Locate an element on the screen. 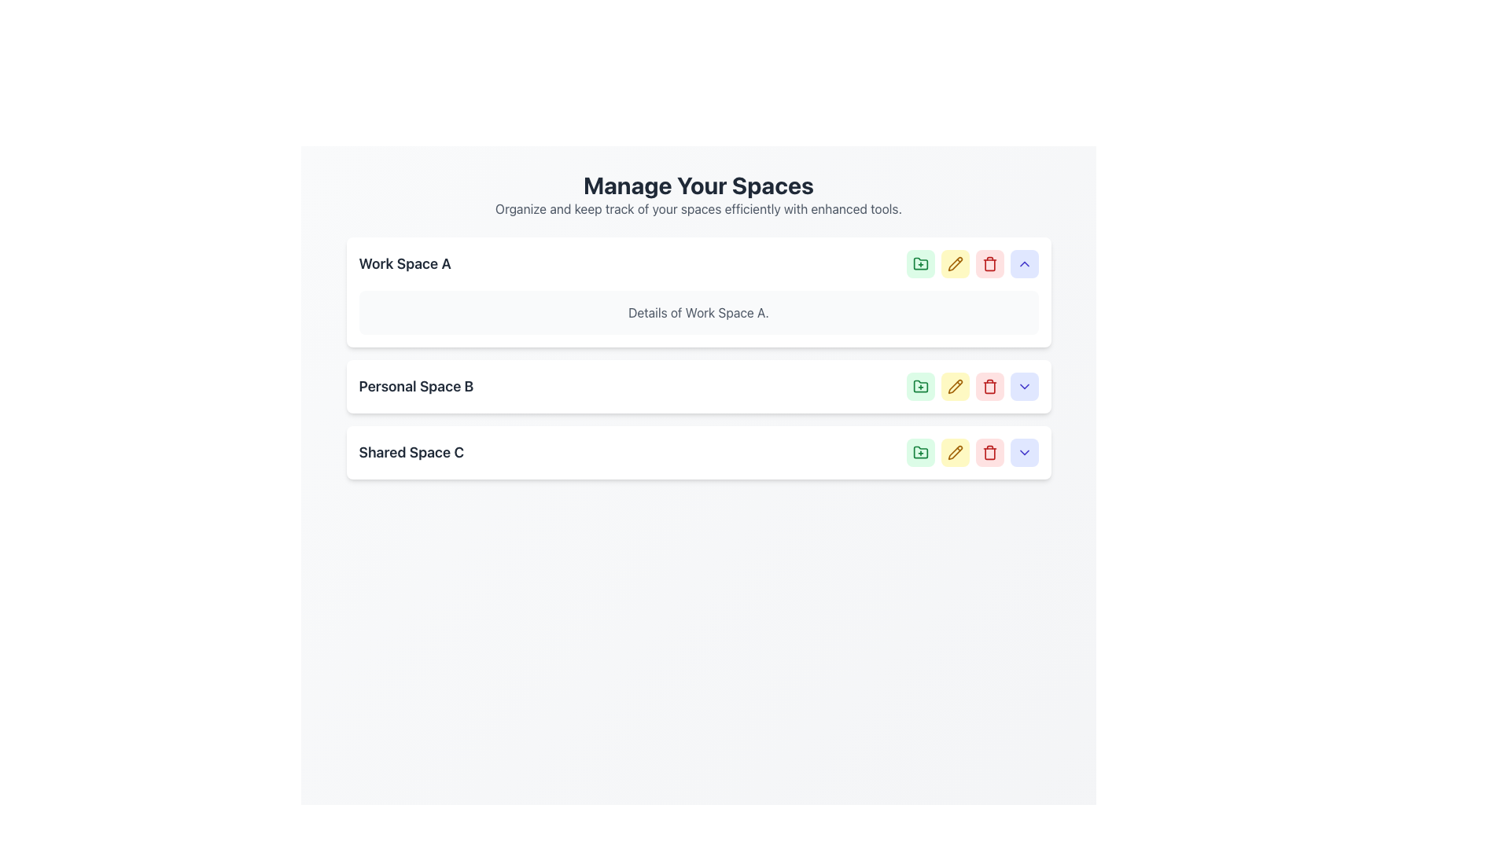  the text label element reading 'Personal Space B', which is styled in a large and bold font with a dark gray color, located between 'Work Space A' and 'Shared Space C' is located at coordinates (416, 387).